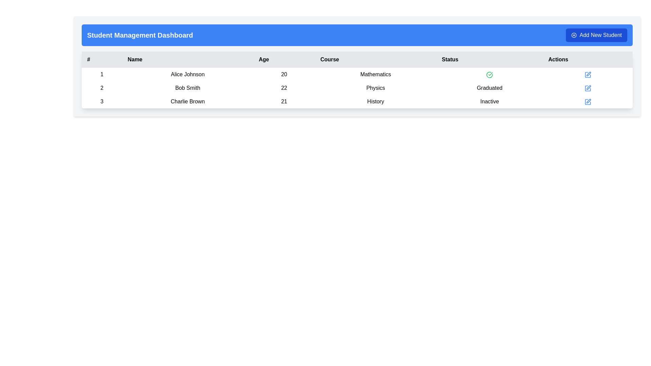 The width and height of the screenshot is (651, 366). I want to click on the circular icon with a green outline and centered check mark located under the 'Status' column for the 'Mathematics' course row, corresponding to Alice Johnson, so click(490, 74).